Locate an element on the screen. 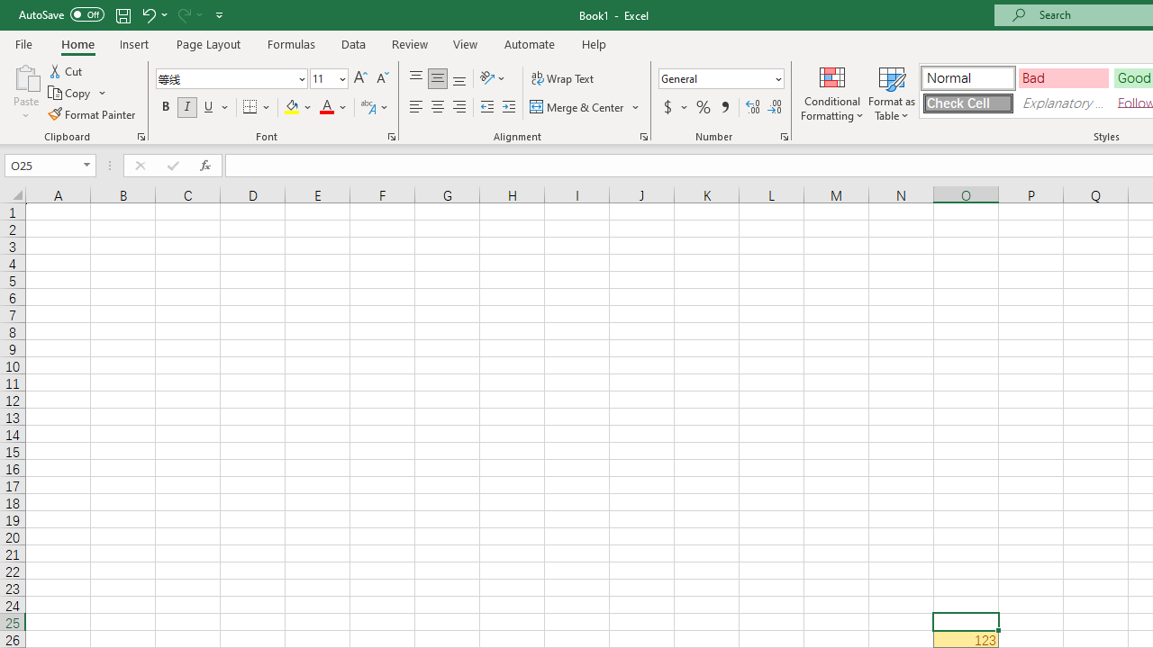 Image resolution: width=1153 pixels, height=648 pixels. 'Show Phonetic Field' is located at coordinates (374, 107).